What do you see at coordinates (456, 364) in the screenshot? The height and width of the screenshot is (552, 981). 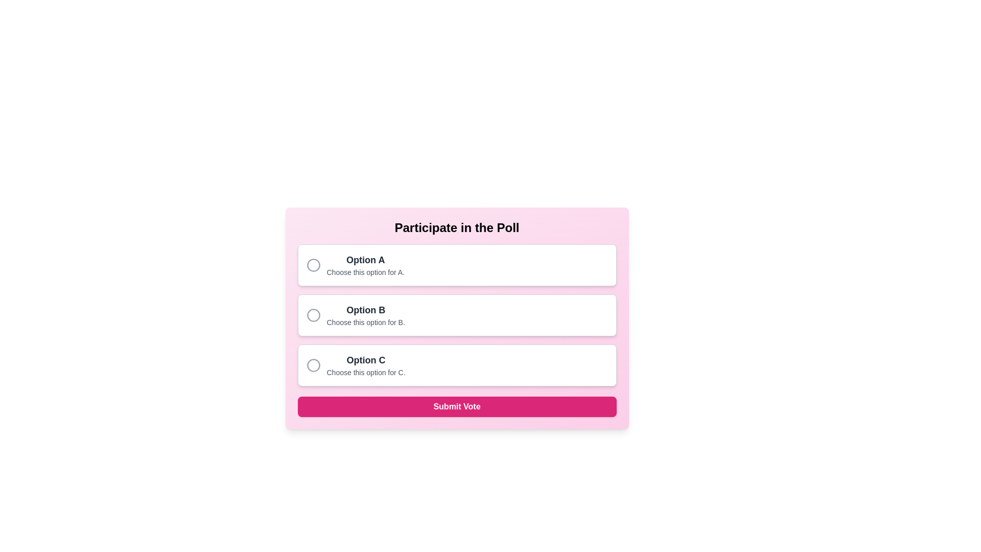 I see `title and description of the selectable card that includes a radio button for 'Option C', which is the third card in a vertical list of options` at bounding box center [456, 364].